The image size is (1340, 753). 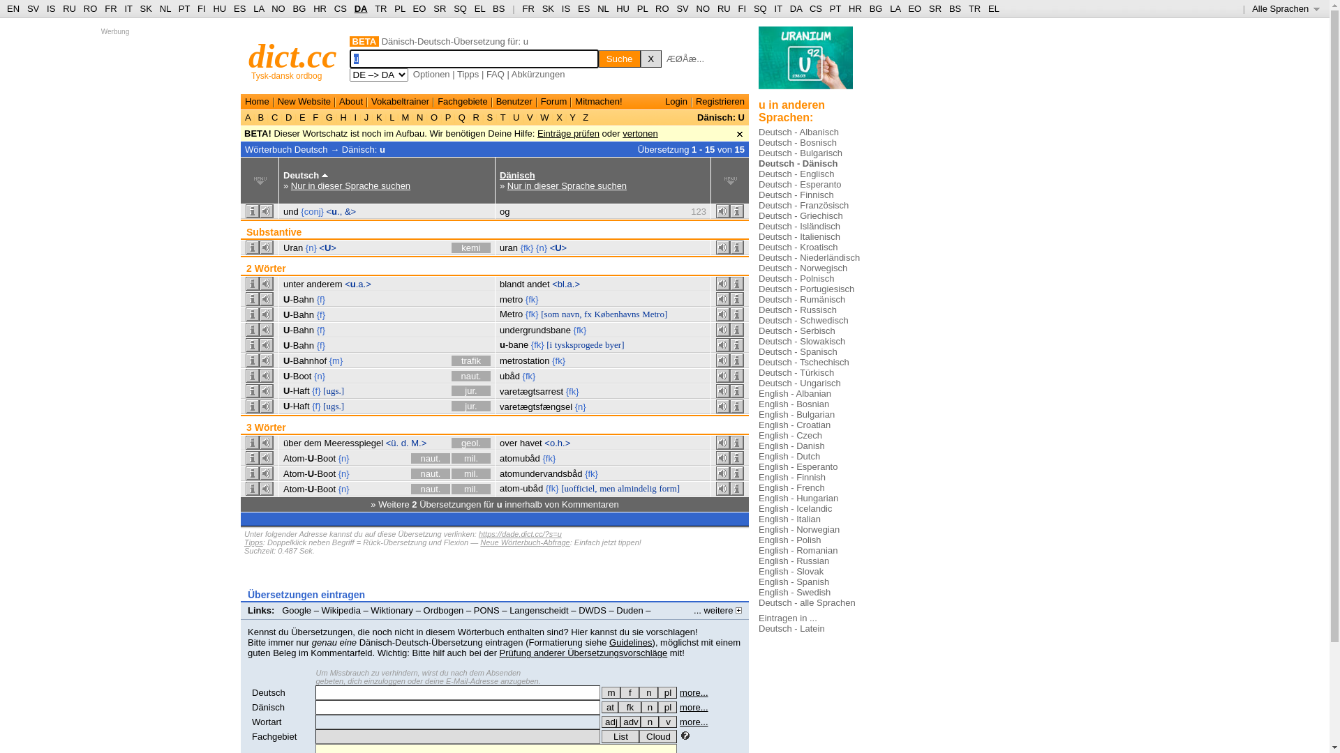 I want to click on 'Duden', so click(x=616, y=609).